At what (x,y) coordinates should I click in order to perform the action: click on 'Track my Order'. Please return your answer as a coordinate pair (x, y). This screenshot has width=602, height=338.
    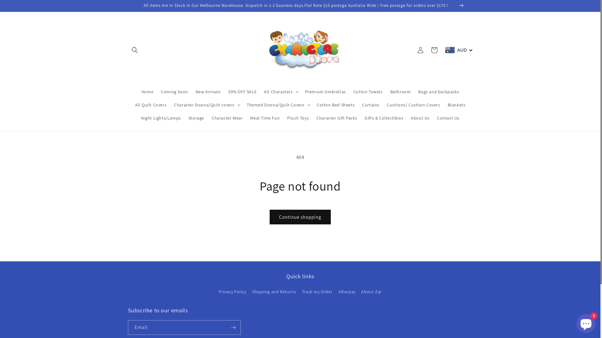
    Looking at the image, I should click on (317, 292).